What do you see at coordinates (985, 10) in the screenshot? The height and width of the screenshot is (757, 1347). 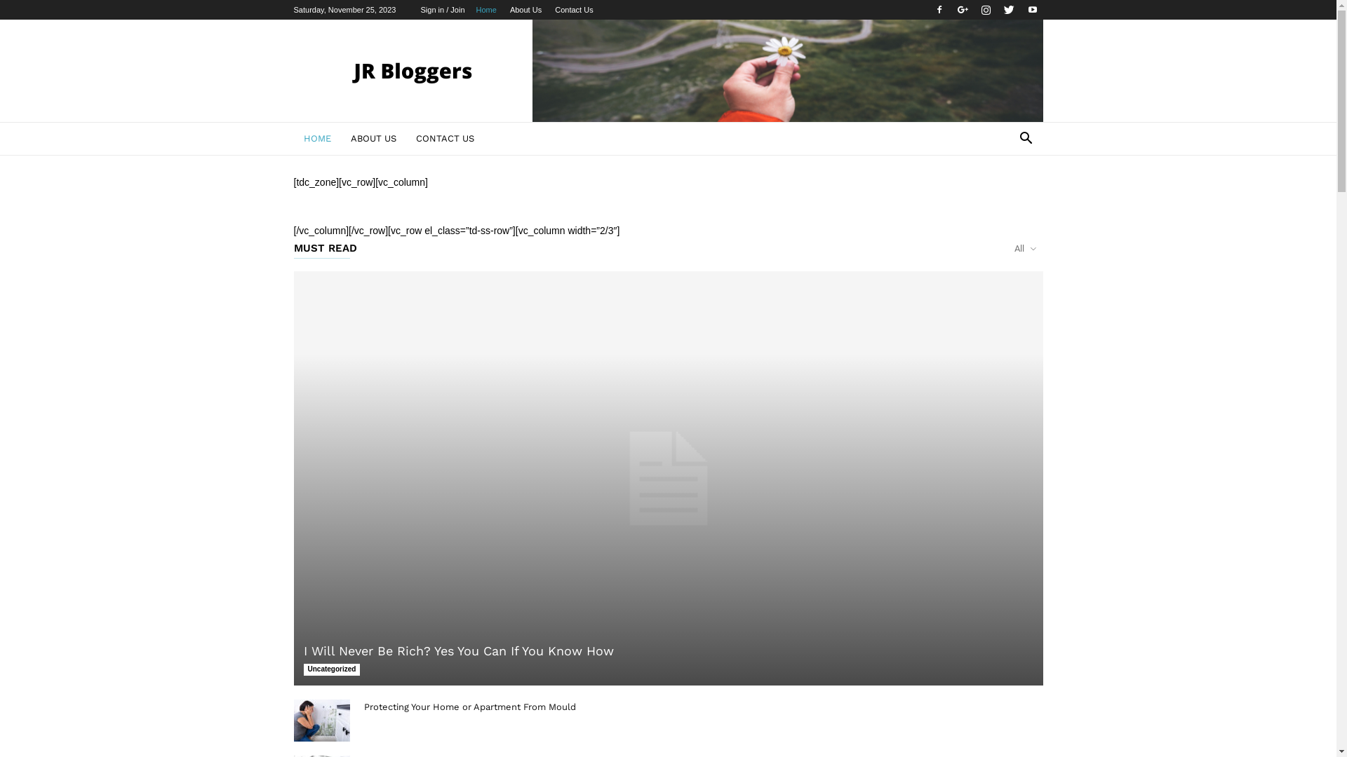 I see `'Instagram'` at bounding box center [985, 10].